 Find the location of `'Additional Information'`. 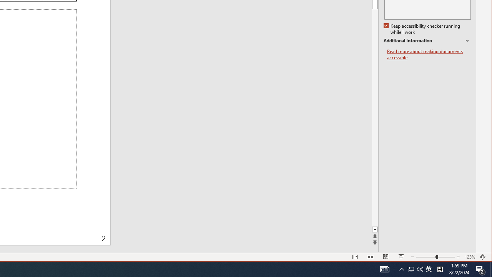

'Additional Information' is located at coordinates (427, 41).